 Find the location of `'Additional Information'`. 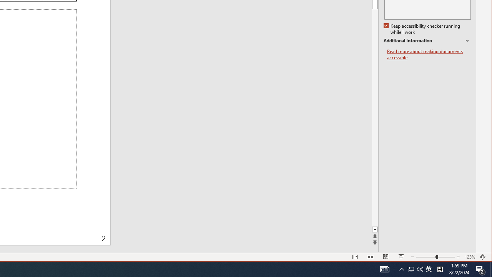

'Additional Information' is located at coordinates (427, 41).